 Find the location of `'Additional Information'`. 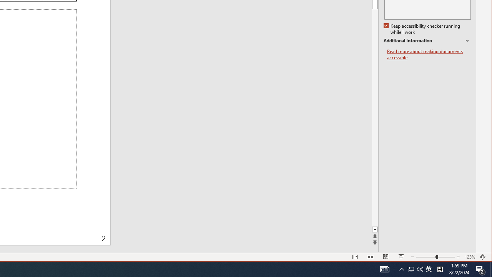

'Additional Information' is located at coordinates (427, 41).